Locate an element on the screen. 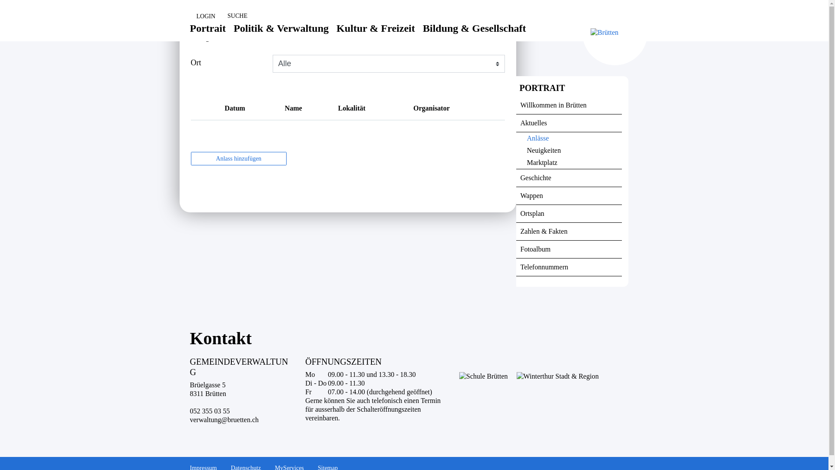 This screenshot has height=470, width=835. 'Fotoalbum' is located at coordinates (568, 249).